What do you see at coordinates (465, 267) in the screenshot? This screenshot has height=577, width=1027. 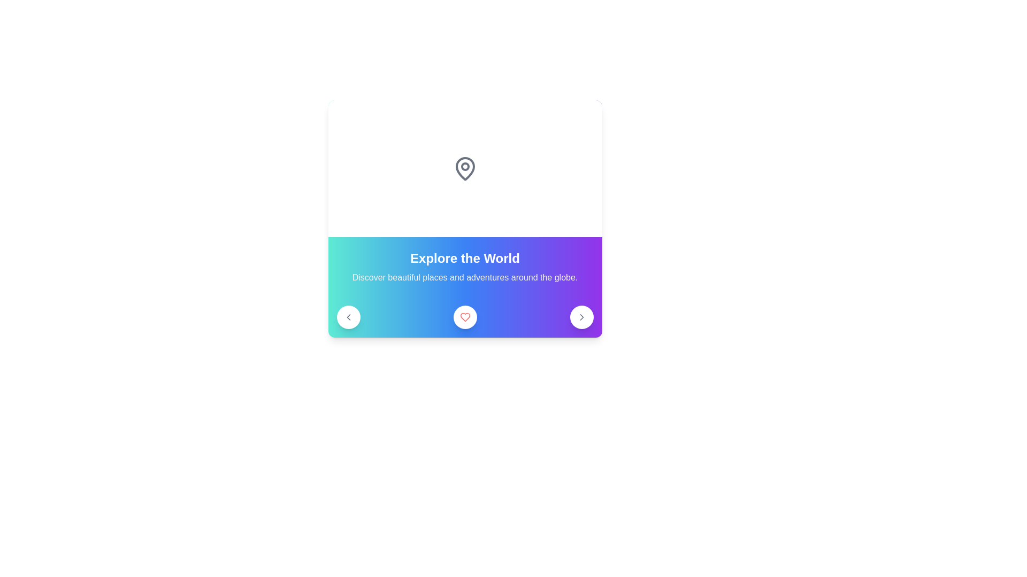 I see `the informational text block that provides a title and brief description about exploring and discovering adventures, located directly below the graphical section and above the row of interactive buttons` at bounding box center [465, 267].